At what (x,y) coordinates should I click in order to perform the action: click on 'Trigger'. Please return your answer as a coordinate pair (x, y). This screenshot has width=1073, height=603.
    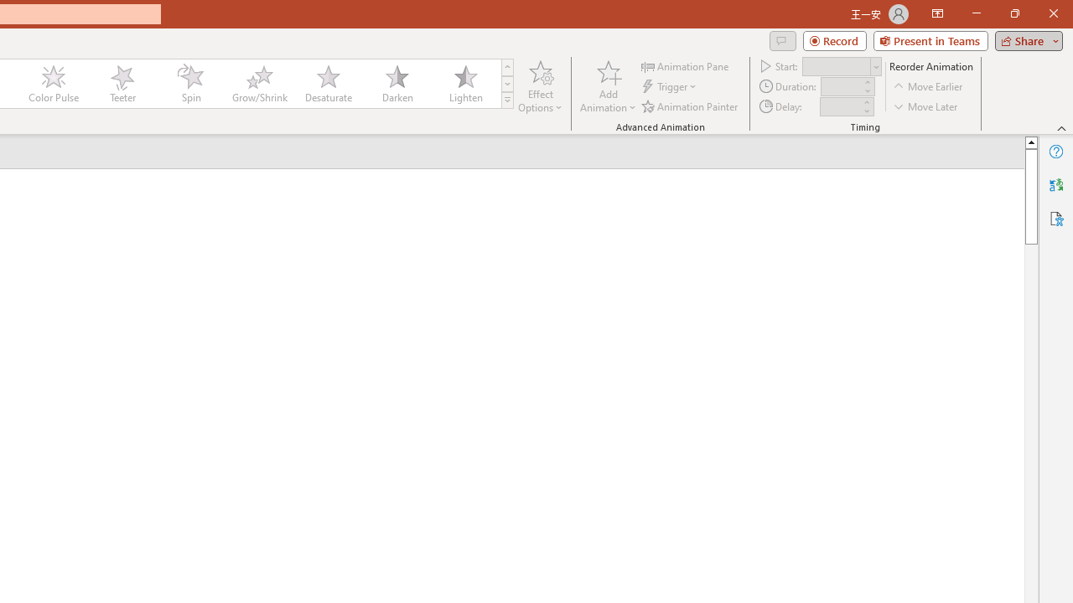
    Looking at the image, I should click on (671, 86).